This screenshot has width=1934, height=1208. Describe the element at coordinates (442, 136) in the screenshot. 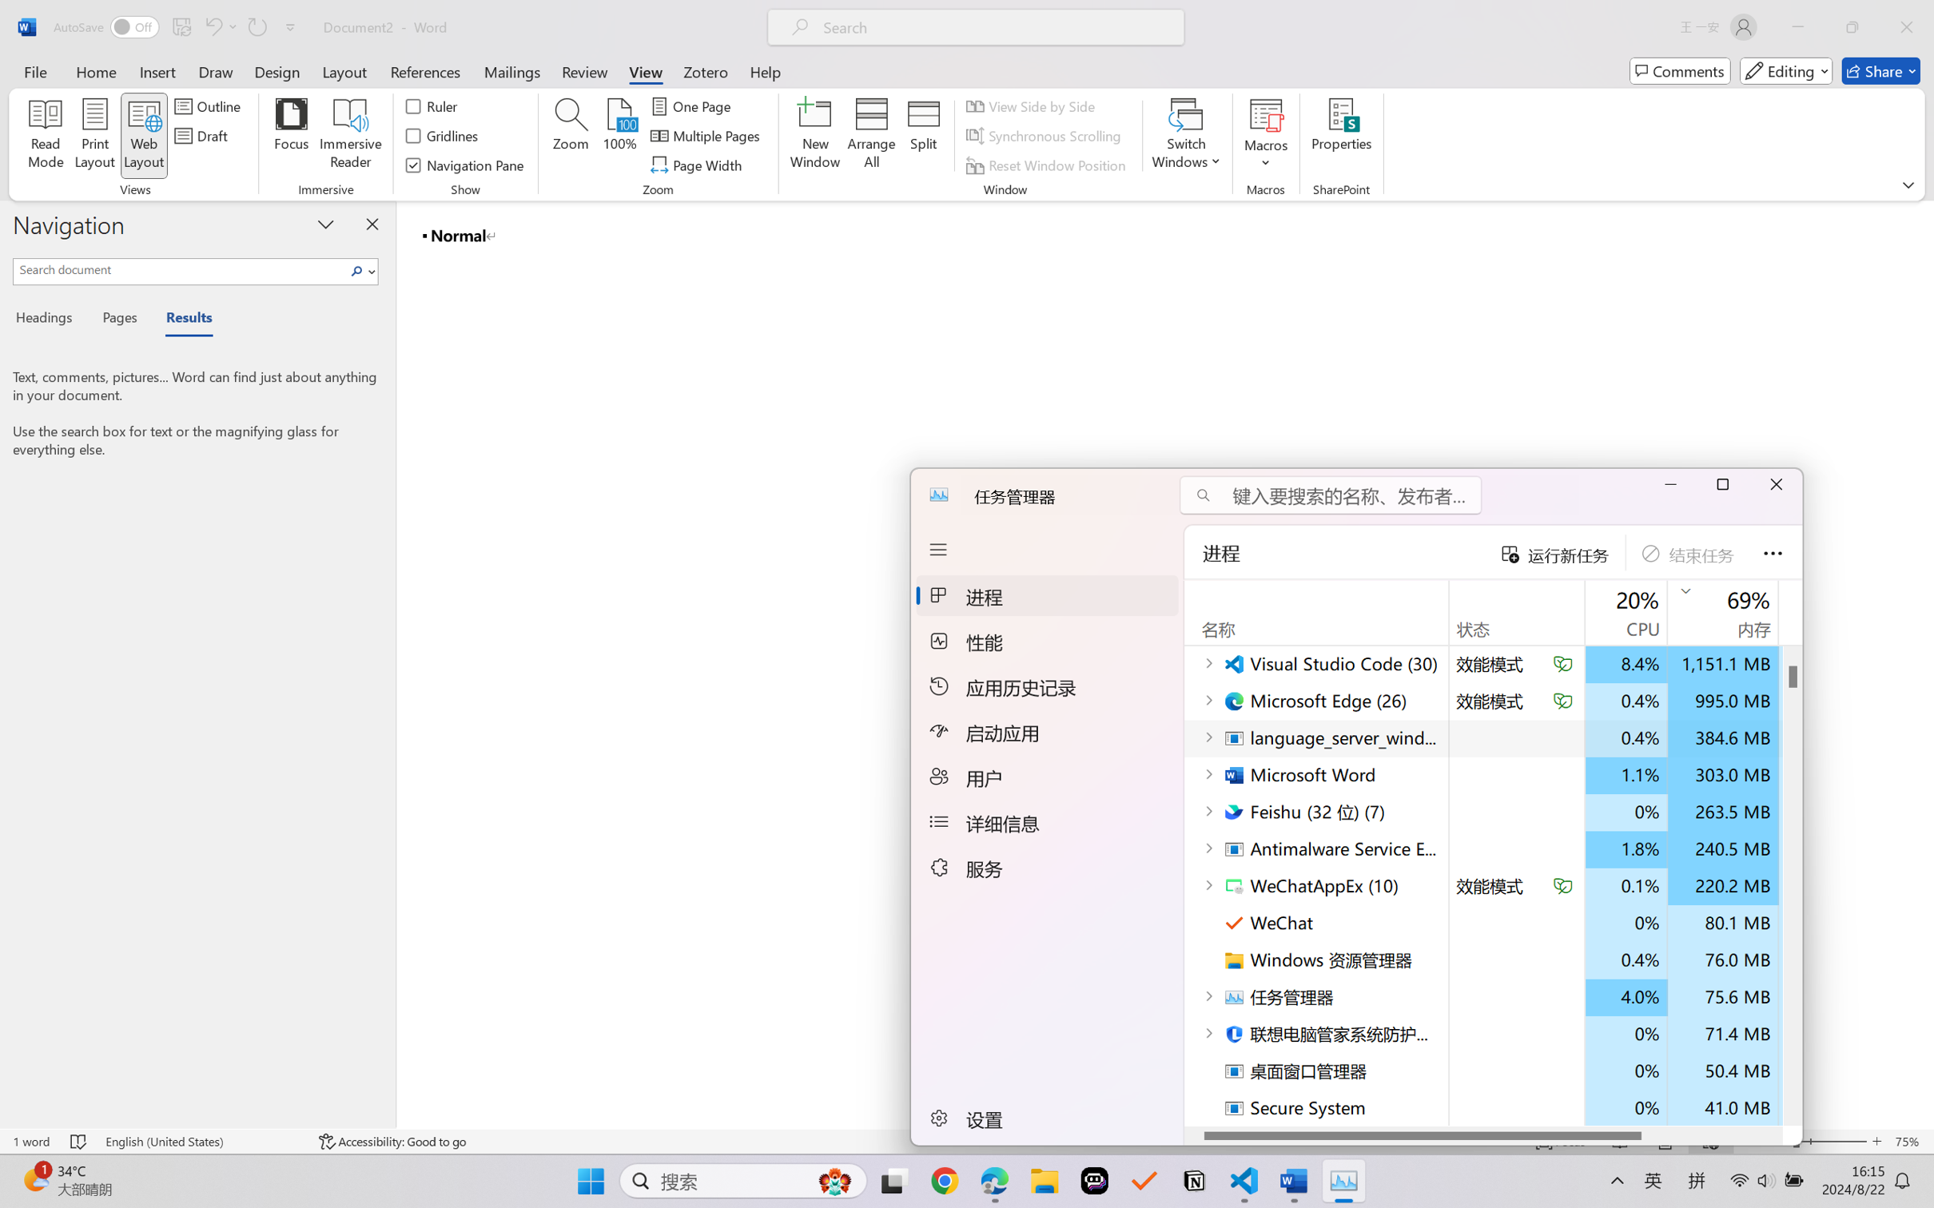

I see `'Gridlines'` at that location.